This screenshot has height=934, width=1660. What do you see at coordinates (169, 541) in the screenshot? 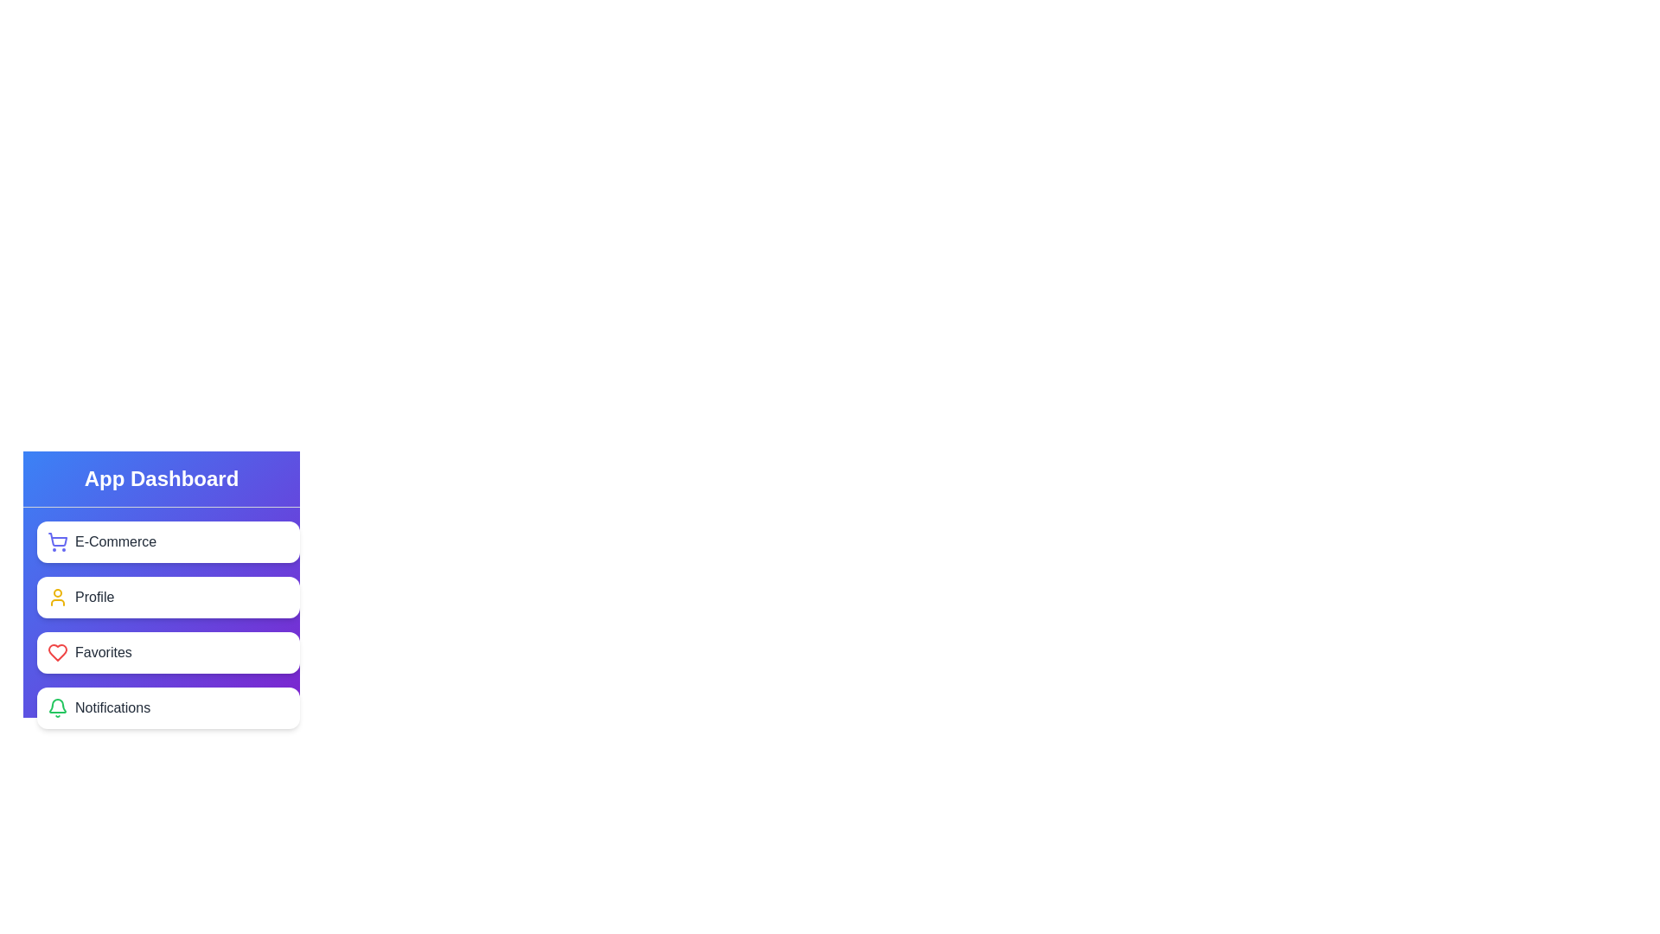
I see `the navigation item E-Commerce from the sidebar` at bounding box center [169, 541].